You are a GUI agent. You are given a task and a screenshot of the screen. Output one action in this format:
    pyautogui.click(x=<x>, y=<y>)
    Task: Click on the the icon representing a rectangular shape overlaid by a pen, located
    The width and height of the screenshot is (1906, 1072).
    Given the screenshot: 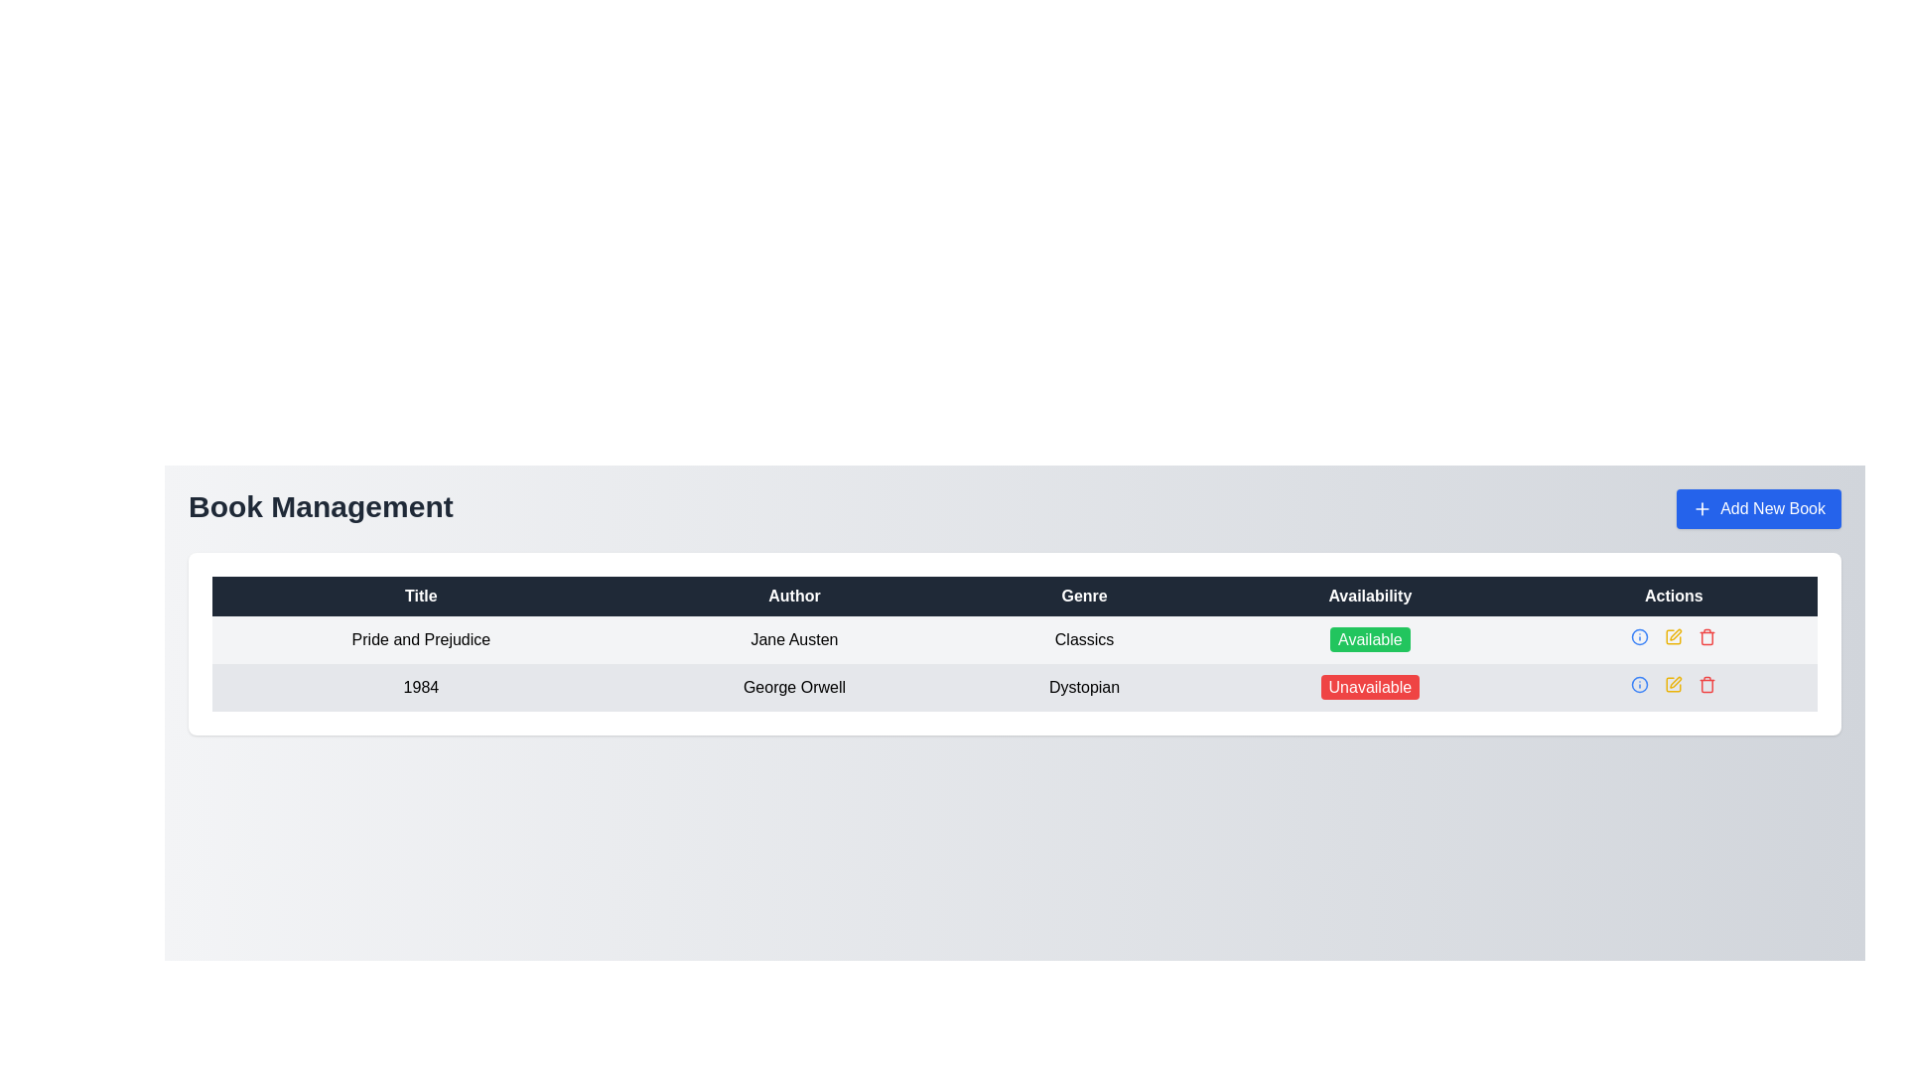 What is the action you would take?
    pyautogui.click(x=1673, y=636)
    